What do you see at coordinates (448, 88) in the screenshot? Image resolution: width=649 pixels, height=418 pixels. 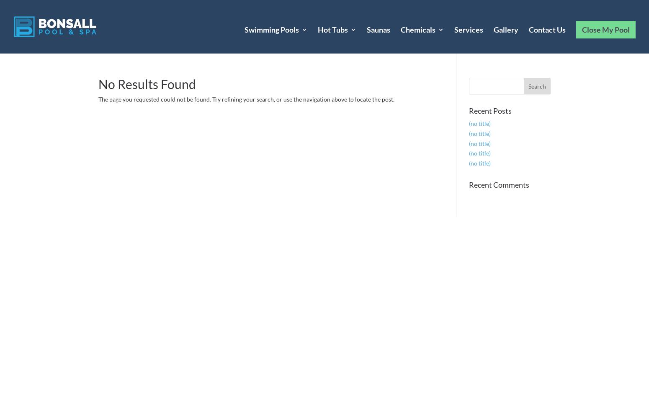 I see `'Hot Tub Chemicals'` at bounding box center [448, 88].